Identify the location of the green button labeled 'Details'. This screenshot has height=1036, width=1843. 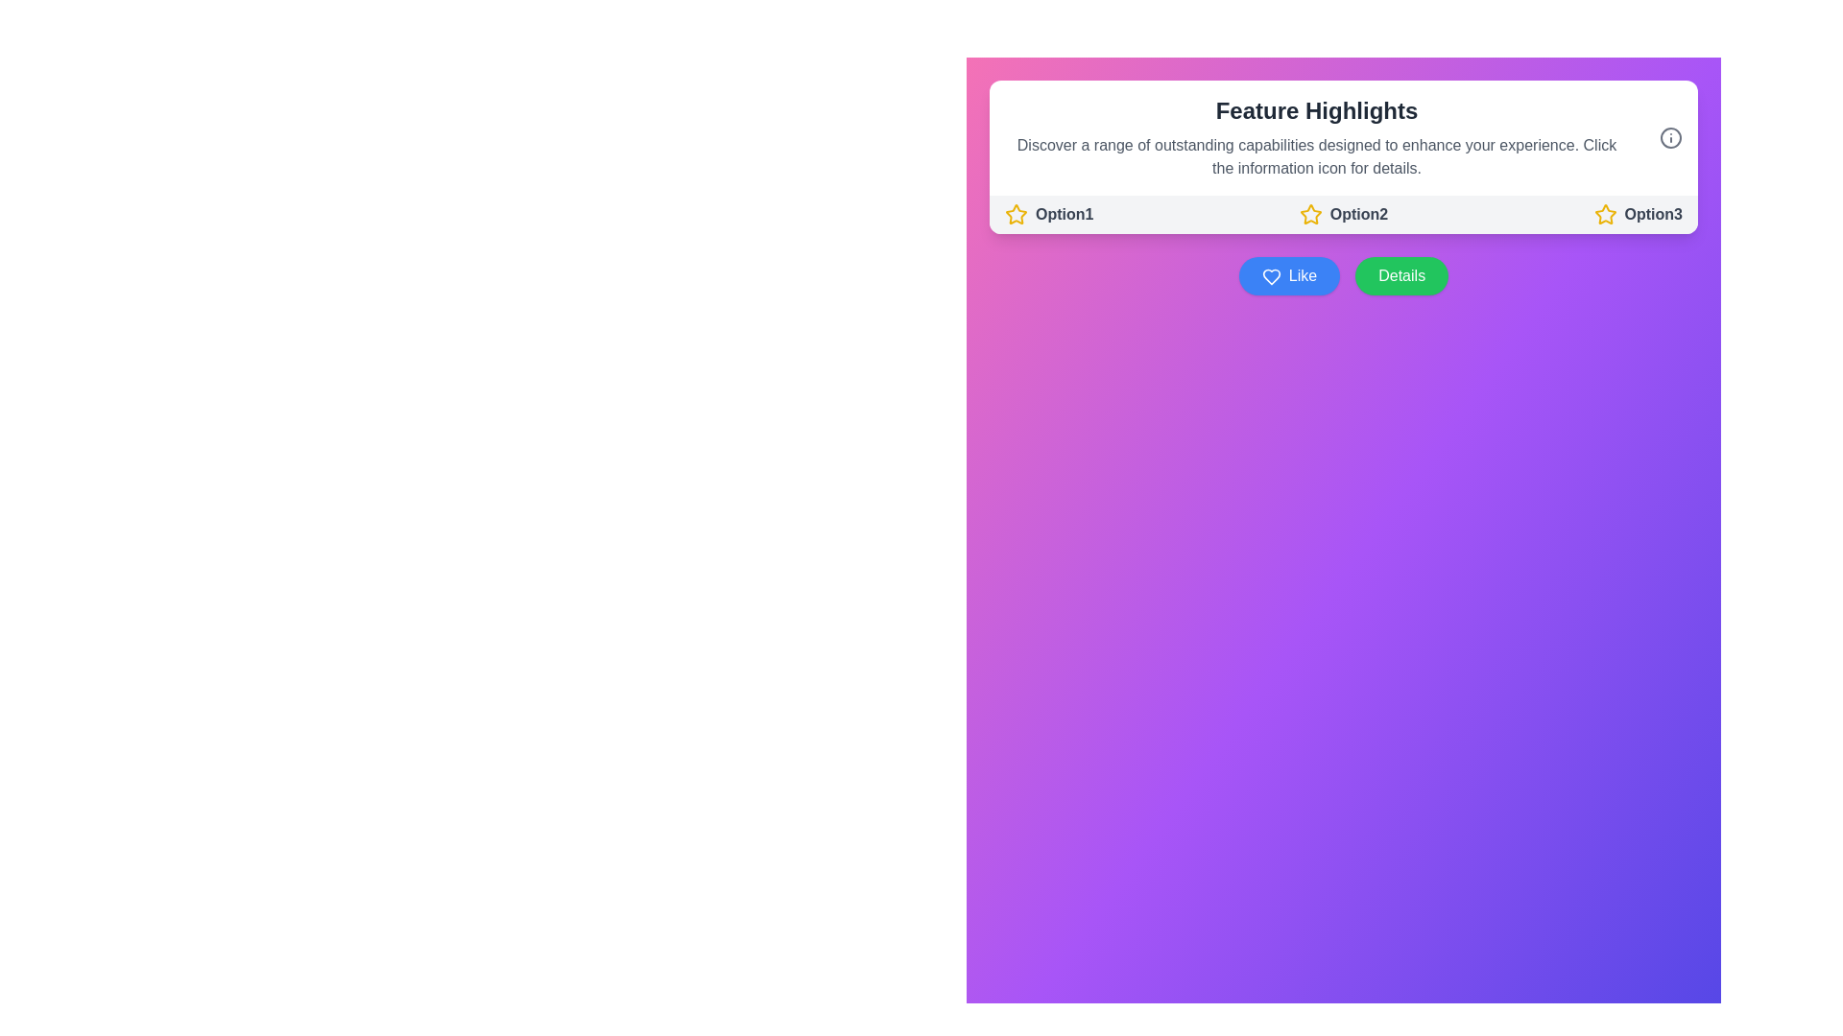
(1401, 276).